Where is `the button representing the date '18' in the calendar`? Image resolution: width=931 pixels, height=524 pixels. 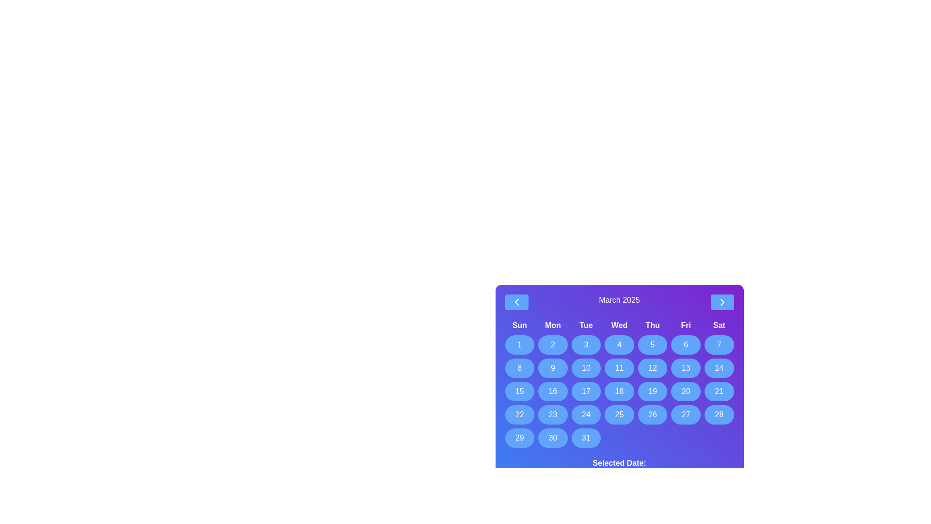
the button representing the date '18' in the calendar is located at coordinates (619, 391).